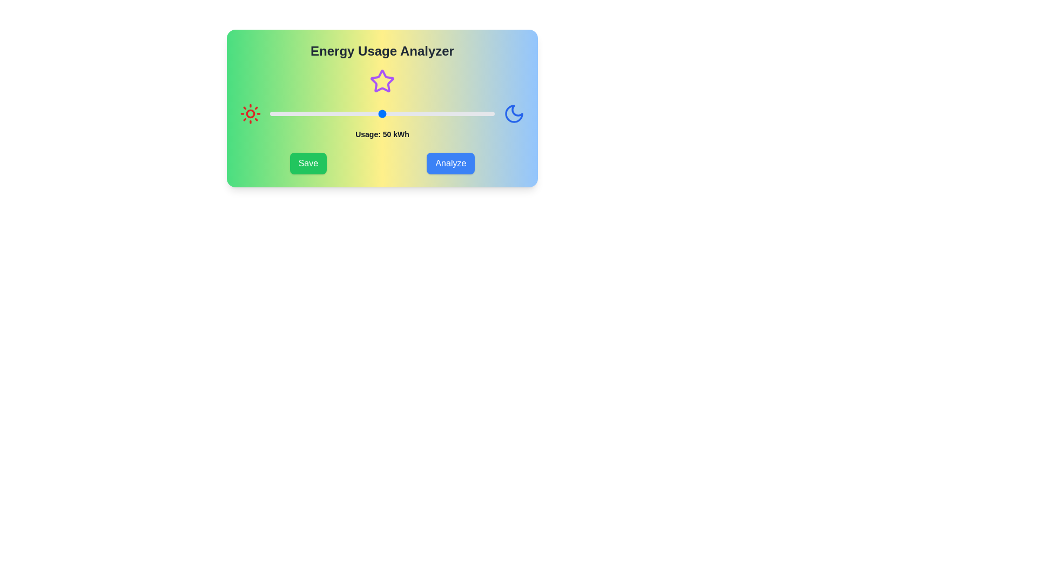  I want to click on the energy usage slider to 39 kWh, so click(358, 114).